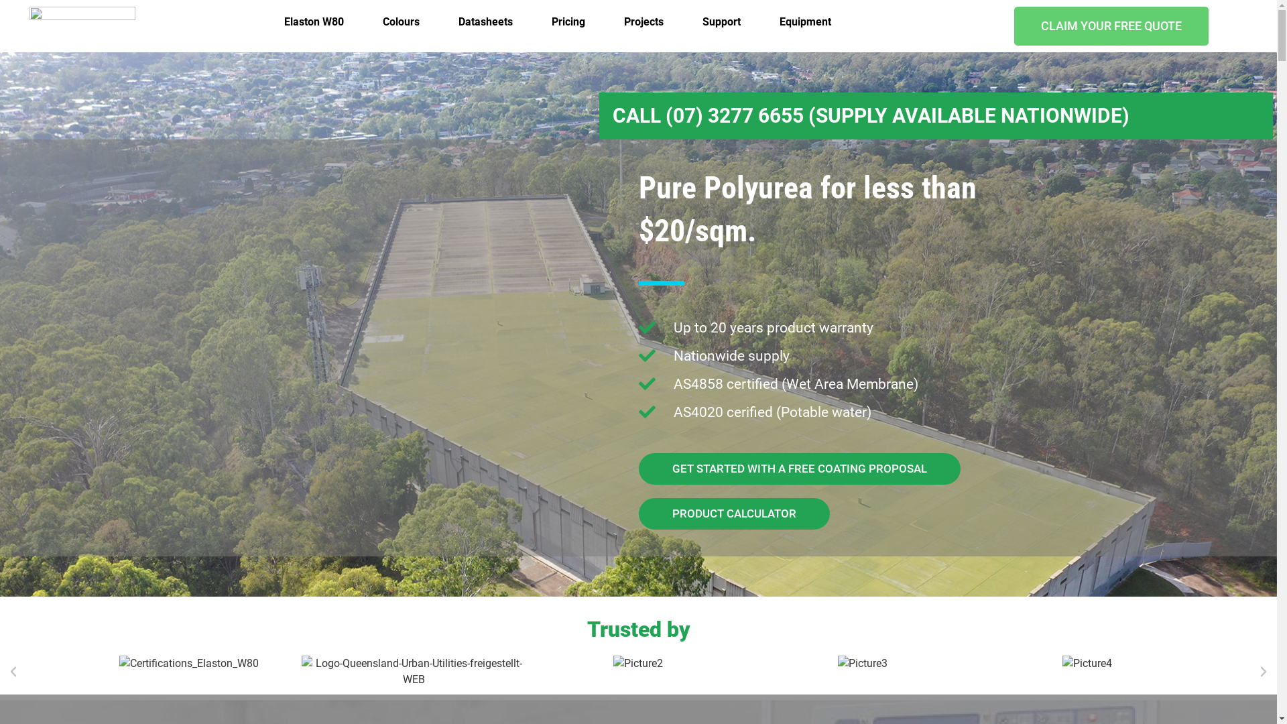  Describe the element at coordinates (643, 22) in the screenshot. I see `'Projects'` at that location.